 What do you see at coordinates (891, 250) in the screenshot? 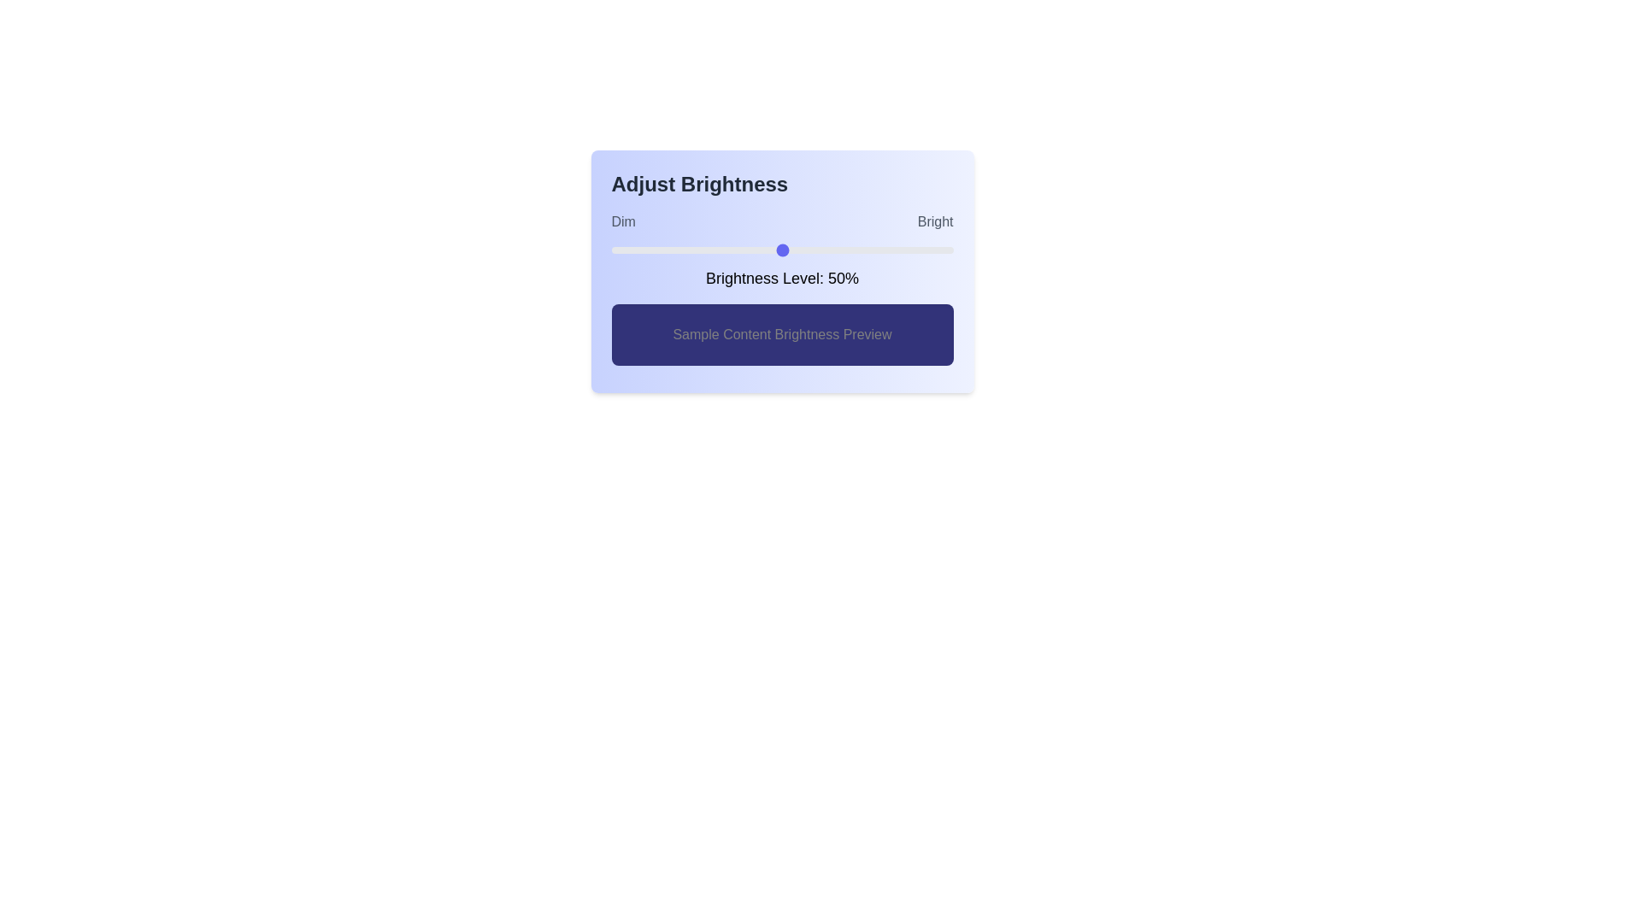
I see `the brightness slider to 82%` at bounding box center [891, 250].